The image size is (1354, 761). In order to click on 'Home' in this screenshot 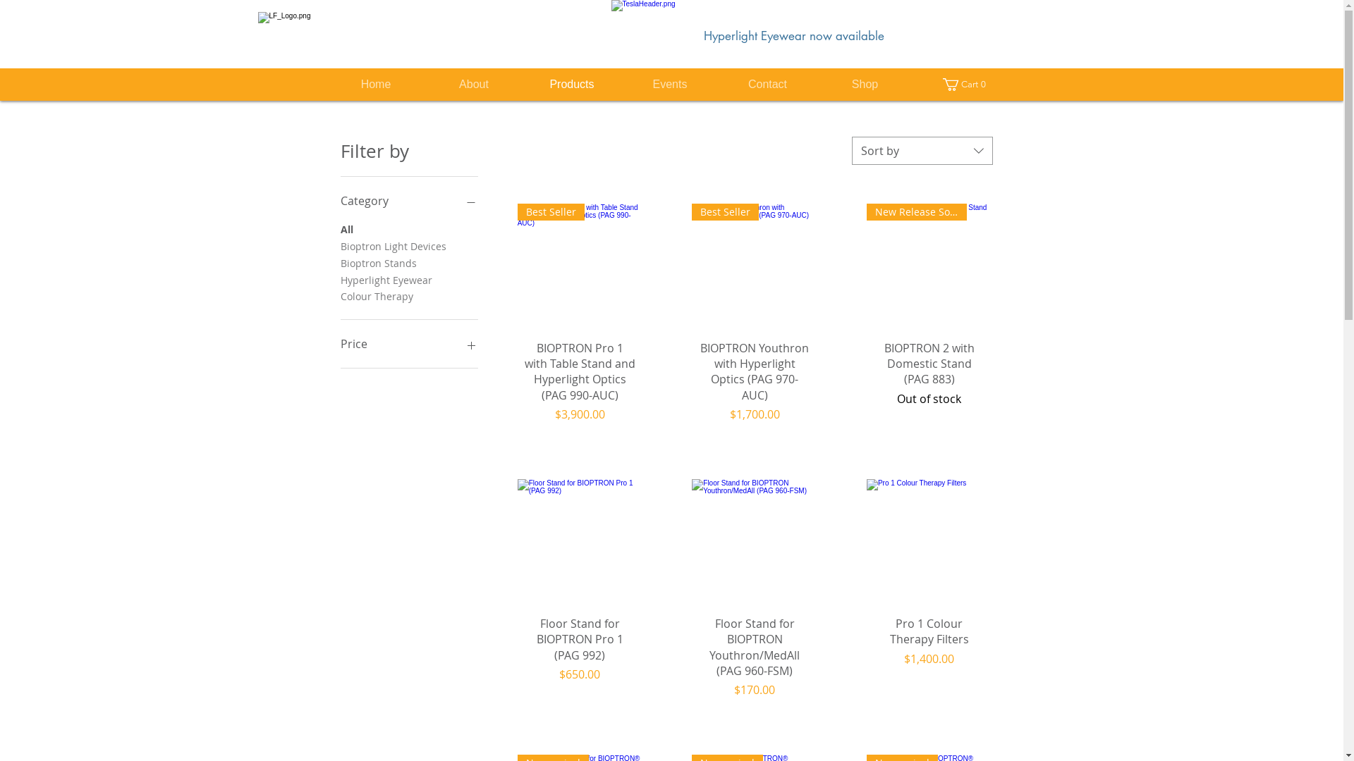, I will do `click(376, 84)`.